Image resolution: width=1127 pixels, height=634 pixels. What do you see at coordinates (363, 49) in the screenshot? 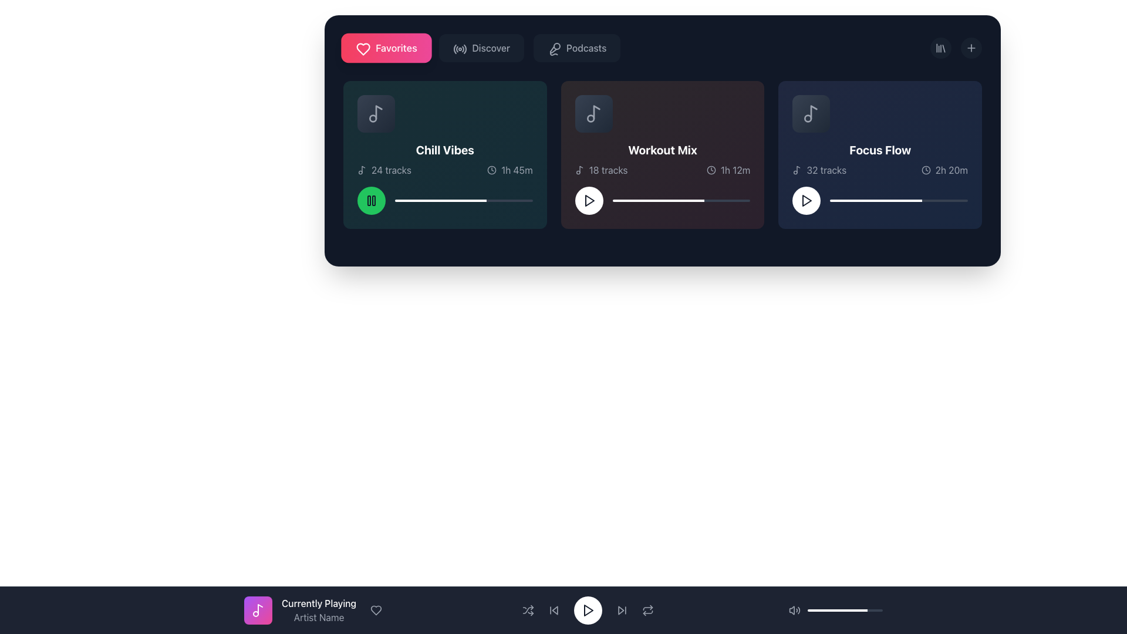
I see `the heart icon within the 'Favorites' button` at bounding box center [363, 49].